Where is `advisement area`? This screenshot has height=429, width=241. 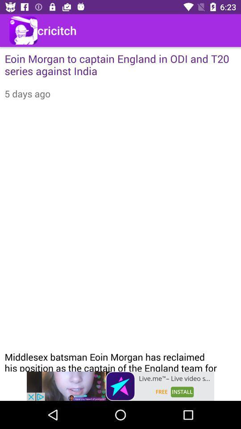
advisement area is located at coordinates (120, 386).